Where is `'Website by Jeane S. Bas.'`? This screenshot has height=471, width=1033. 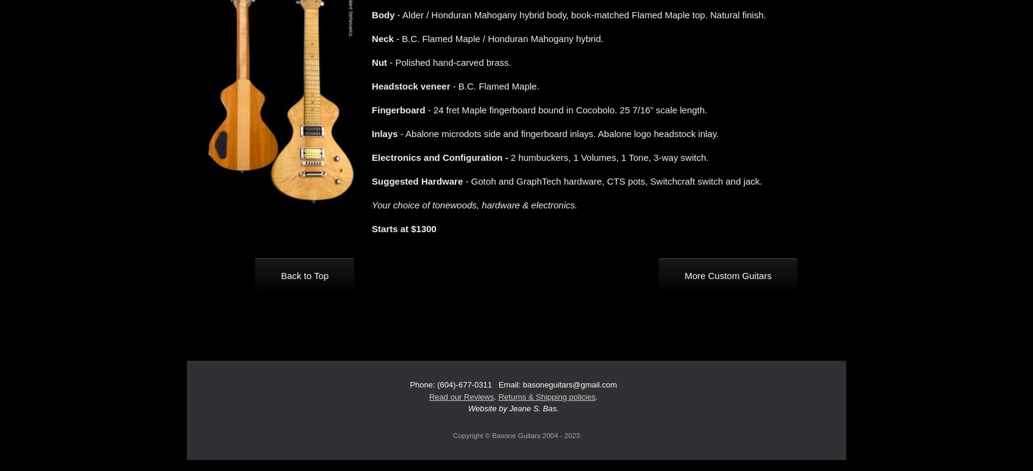 'Website by Jeane S. Bas.' is located at coordinates (466, 408).